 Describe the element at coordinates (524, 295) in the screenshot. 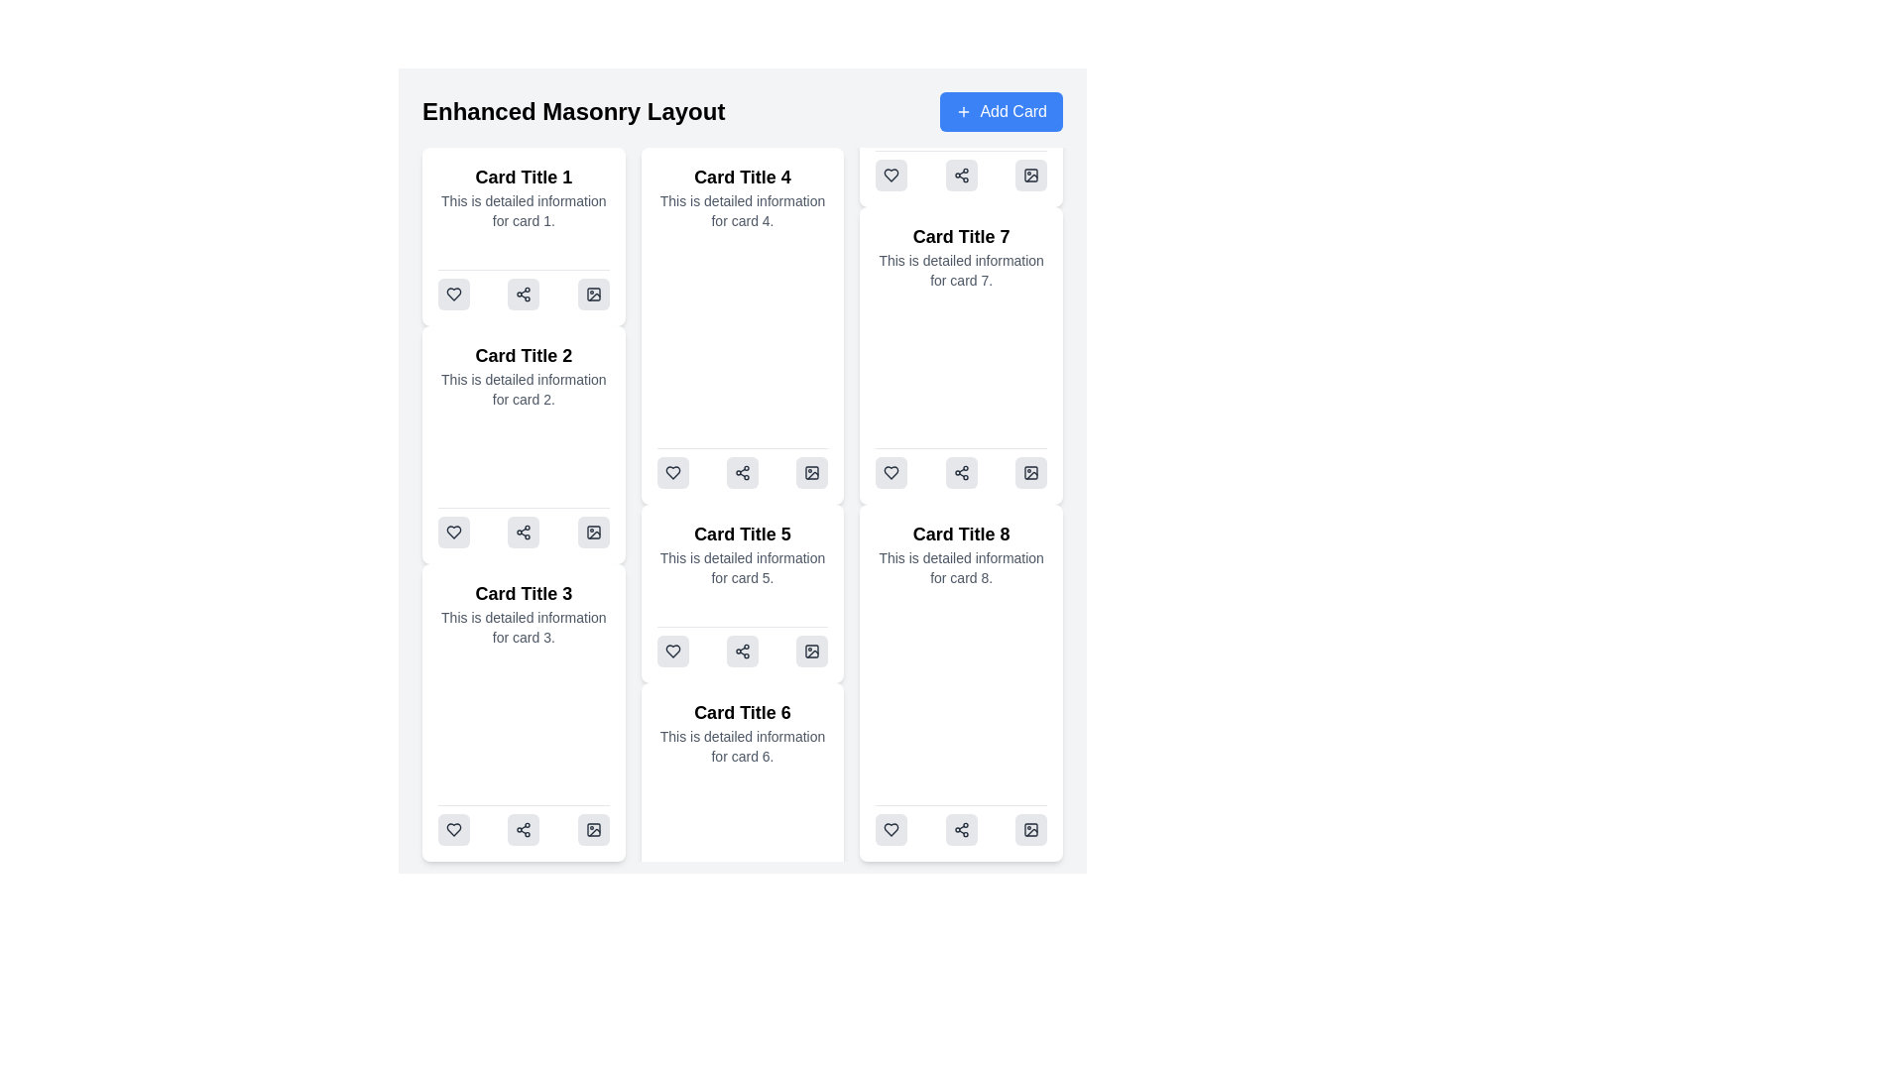

I see `the rounded rectangular button with a light gray background and a darker gray share icon located at the center of the bottom section of 'Card Title 1'` at that location.